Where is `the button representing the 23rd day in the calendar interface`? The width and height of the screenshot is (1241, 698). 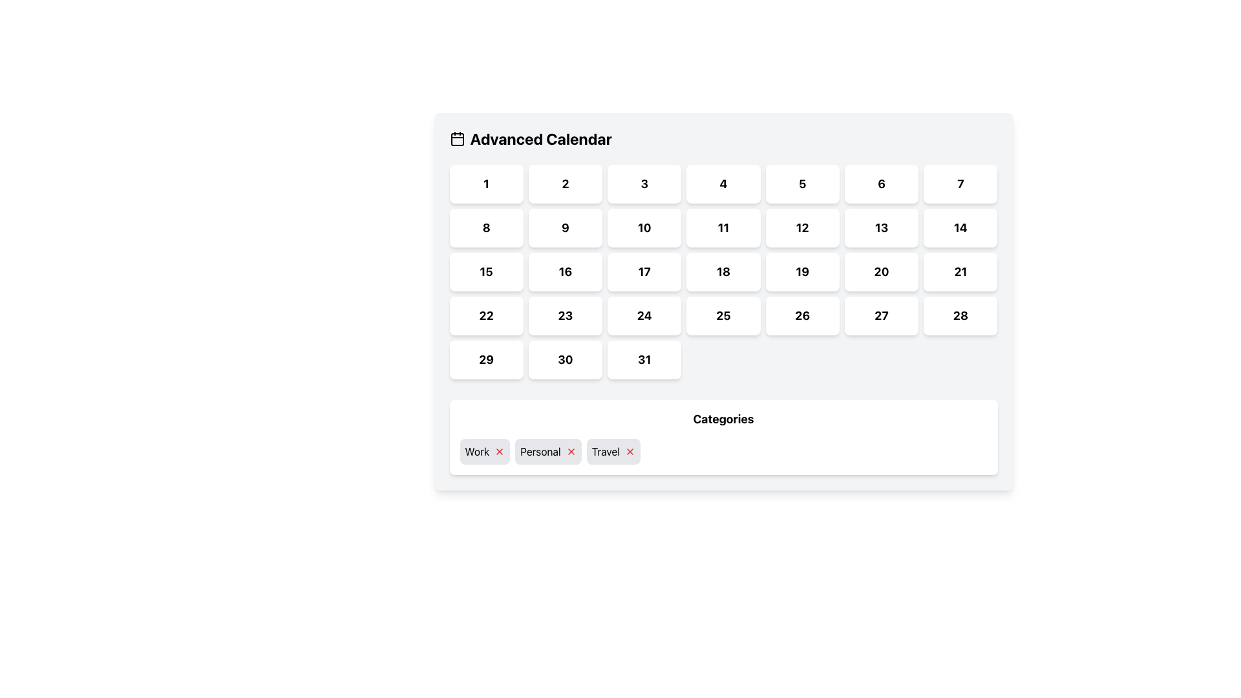
the button representing the 23rd day in the calendar interface is located at coordinates (565, 316).